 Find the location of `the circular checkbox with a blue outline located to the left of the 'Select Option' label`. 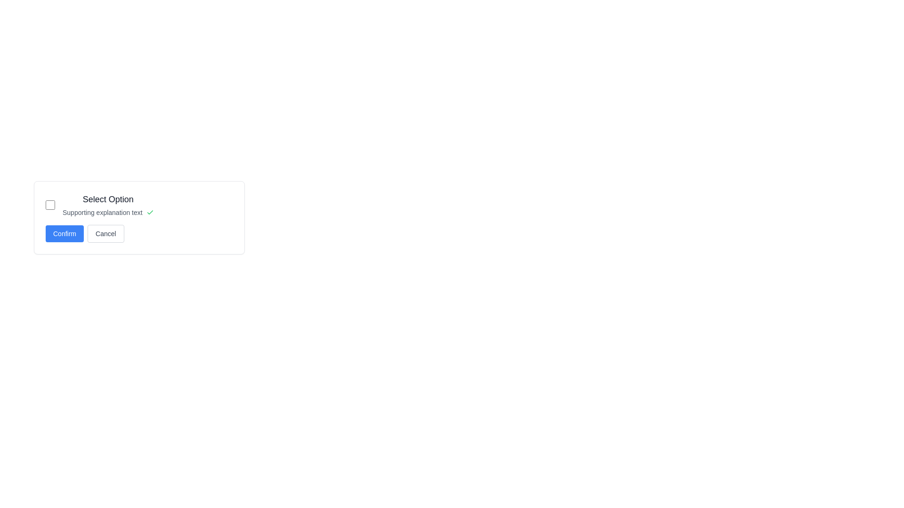

the circular checkbox with a blue outline located to the left of the 'Select Option' label is located at coordinates (49, 204).